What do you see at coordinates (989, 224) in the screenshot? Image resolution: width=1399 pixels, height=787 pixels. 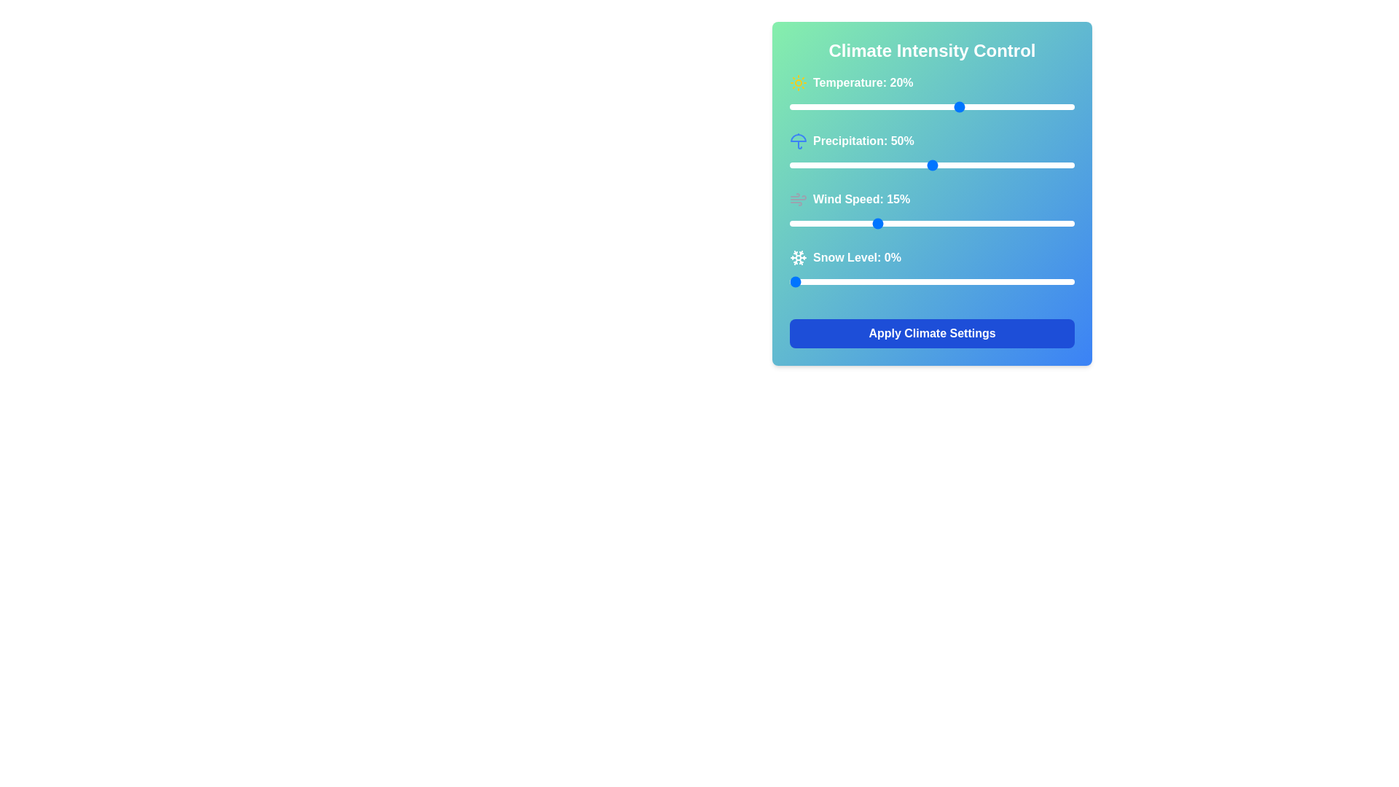 I see `wind speed` at bounding box center [989, 224].